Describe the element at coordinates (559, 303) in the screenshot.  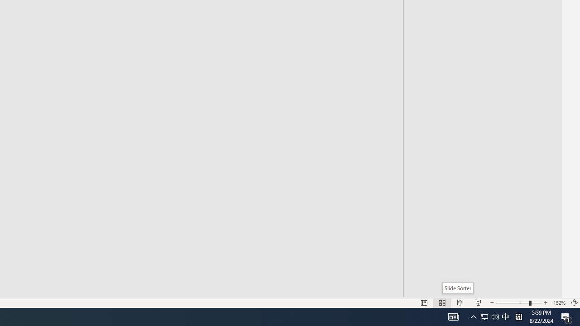
I see `'Zoom 152%'` at that location.